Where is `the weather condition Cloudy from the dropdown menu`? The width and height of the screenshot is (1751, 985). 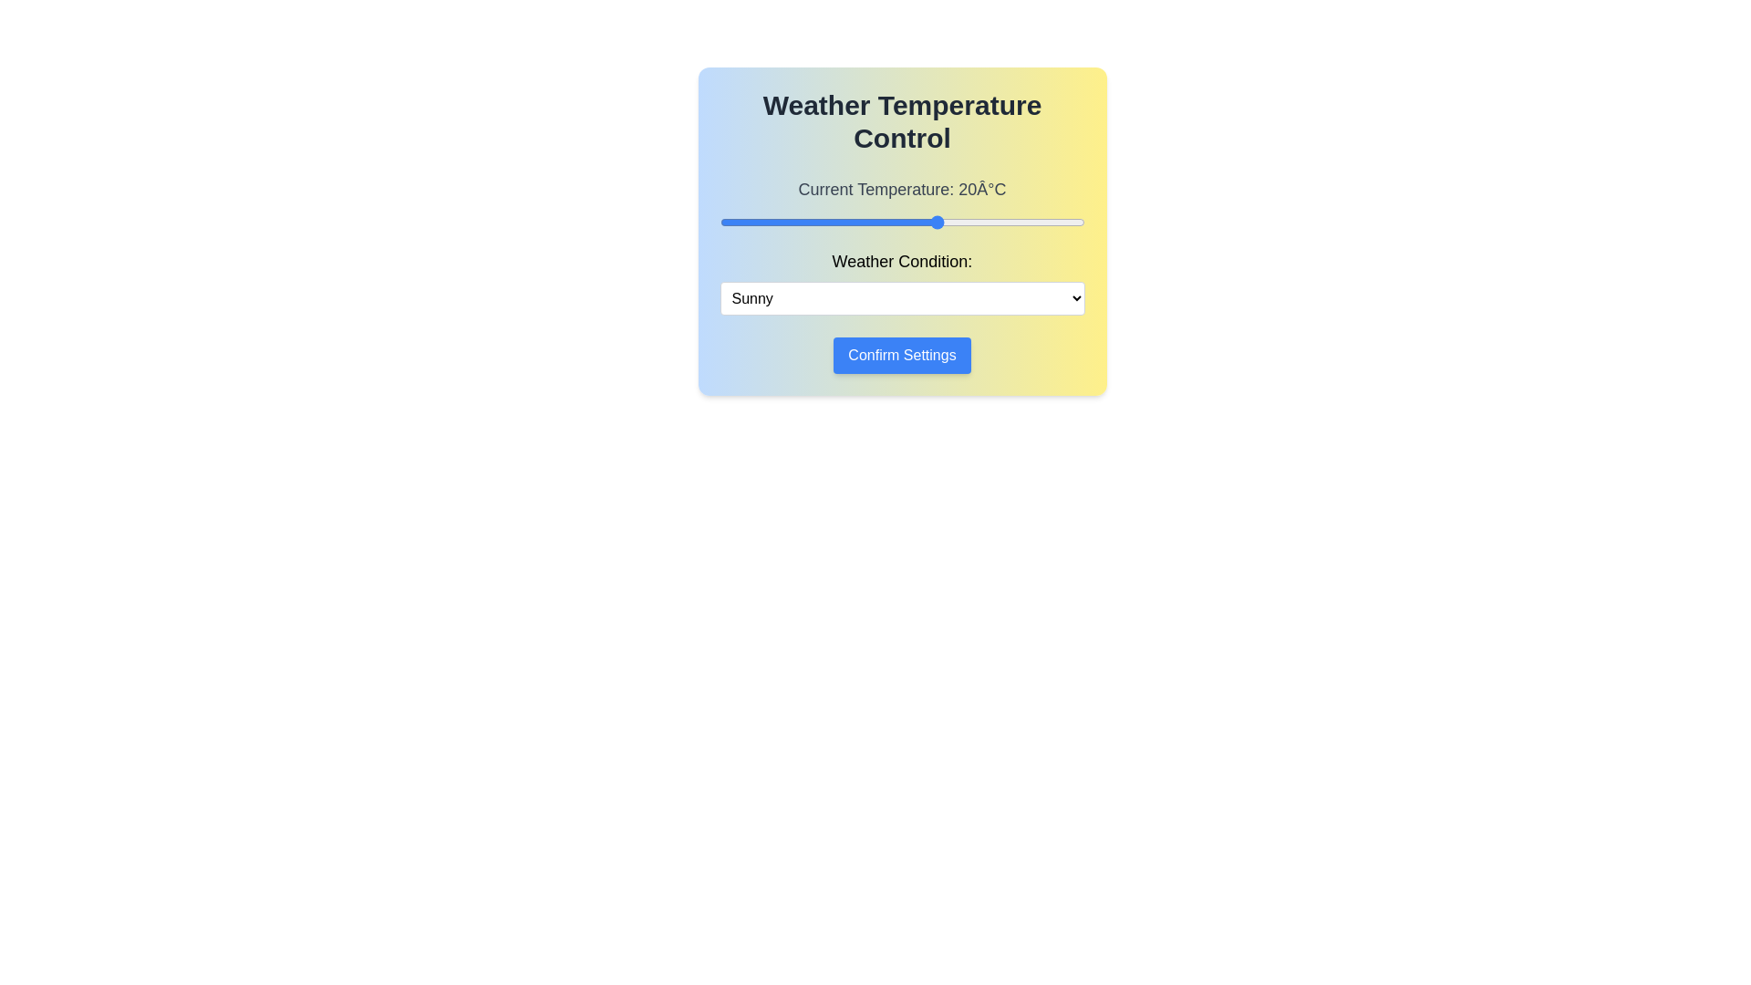 the weather condition Cloudy from the dropdown menu is located at coordinates (902, 297).